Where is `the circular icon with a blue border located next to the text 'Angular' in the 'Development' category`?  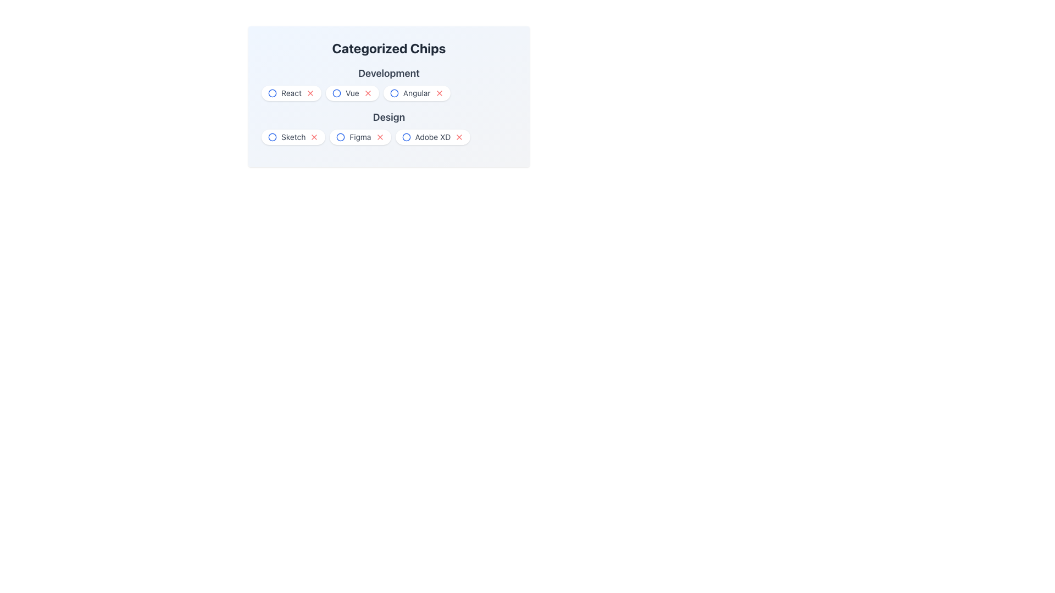
the circular icon with a blue border located next to the text 'Angular' in the 'Development' category is located at coordinates (394, 92).